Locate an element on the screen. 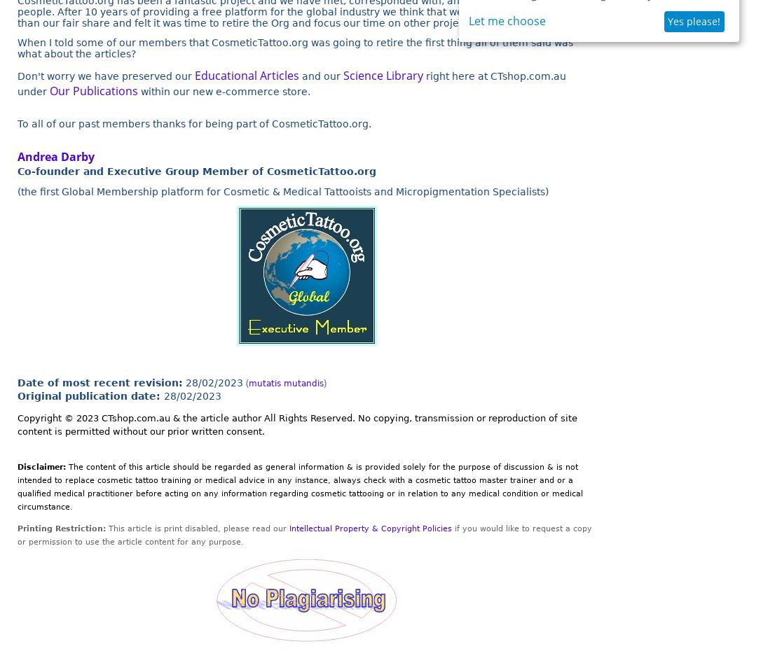 The width and height of the screenshot is (768, 672). 'Educational Articles' is located at coordinates (193, 75).